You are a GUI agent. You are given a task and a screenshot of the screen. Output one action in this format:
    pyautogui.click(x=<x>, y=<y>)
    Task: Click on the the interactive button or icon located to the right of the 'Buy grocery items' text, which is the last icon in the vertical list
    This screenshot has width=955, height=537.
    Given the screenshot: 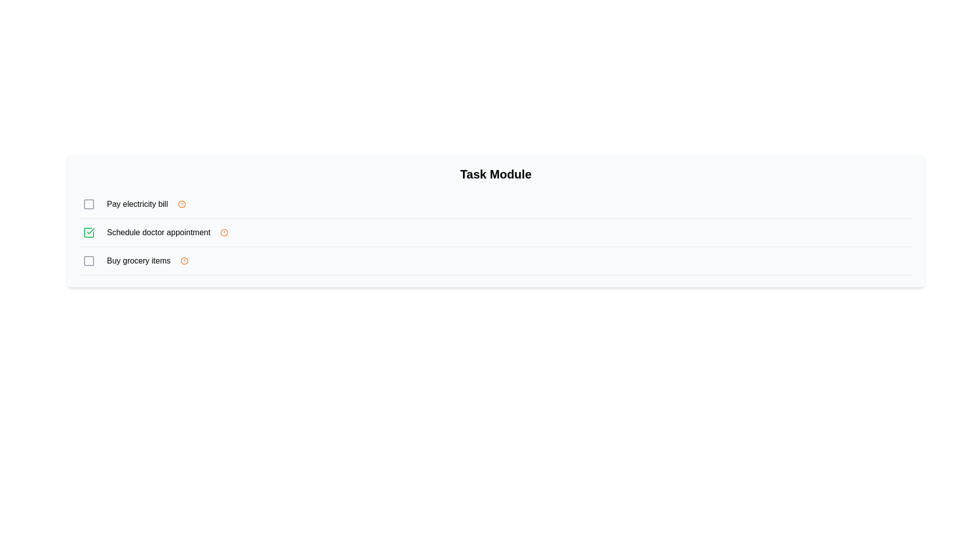 What is the action you would take?
    pyautogui.click(x=185, y=260)
    